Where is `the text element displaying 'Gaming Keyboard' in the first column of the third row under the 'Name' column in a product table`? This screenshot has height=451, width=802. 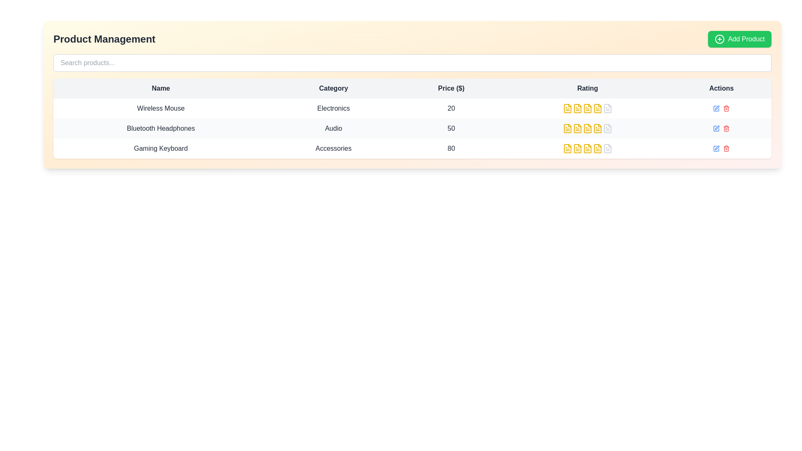
the text element displaying 'Gaming Keyboard' in the first column of the third row under the 'Name' column in a product table is located at coordinates (161, 148).